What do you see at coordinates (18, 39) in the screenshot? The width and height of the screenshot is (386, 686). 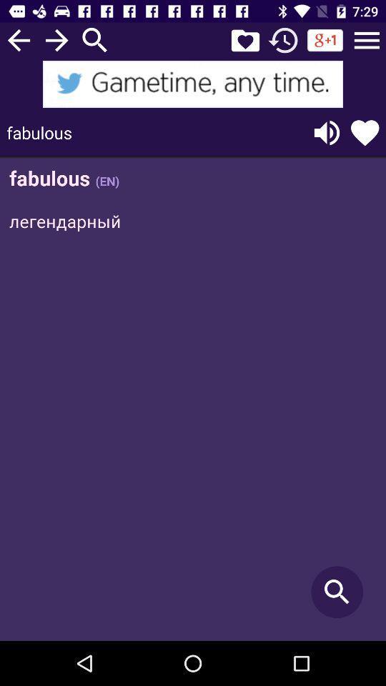 I see `back option` at bounding box center [18, 39].